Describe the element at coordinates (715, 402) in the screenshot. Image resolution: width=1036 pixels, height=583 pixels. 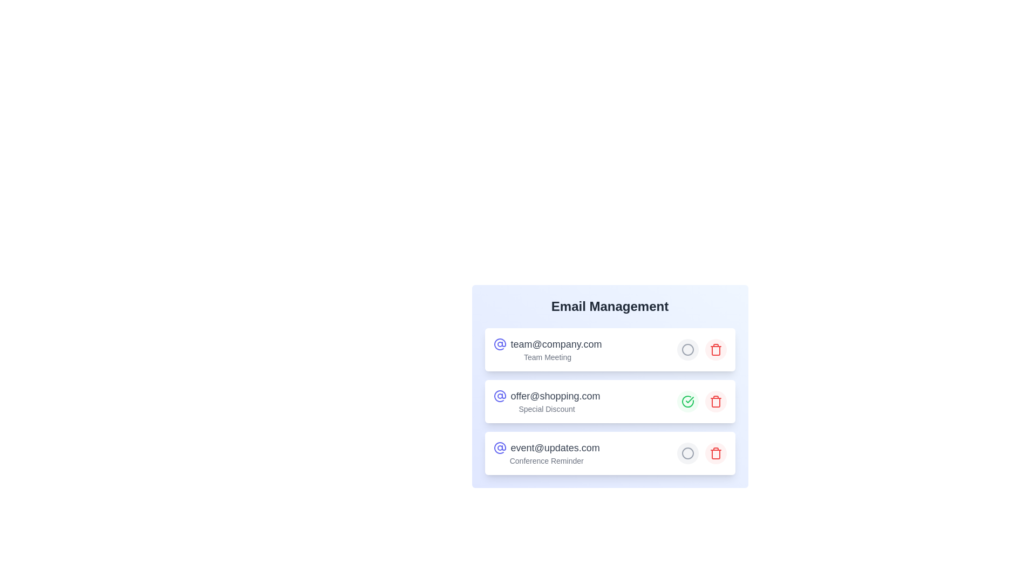
I see `delete button for the email with sender offer@shopping.com` at that location.